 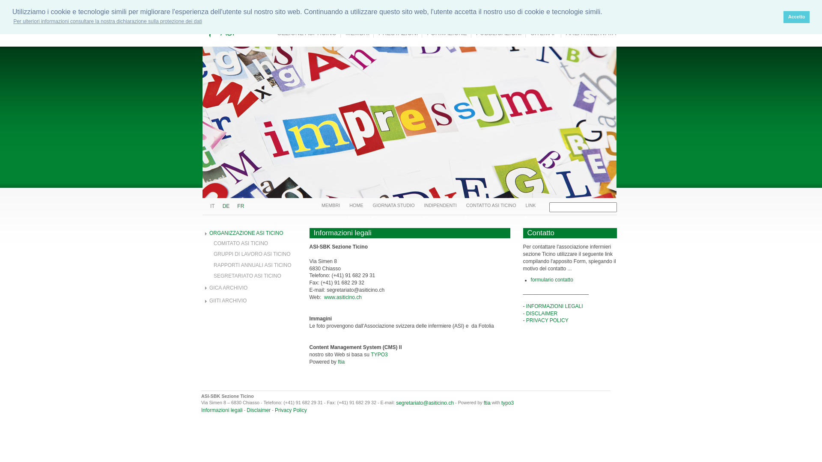 I want to click on 'MEMBRI', so click(x=330, y=205).